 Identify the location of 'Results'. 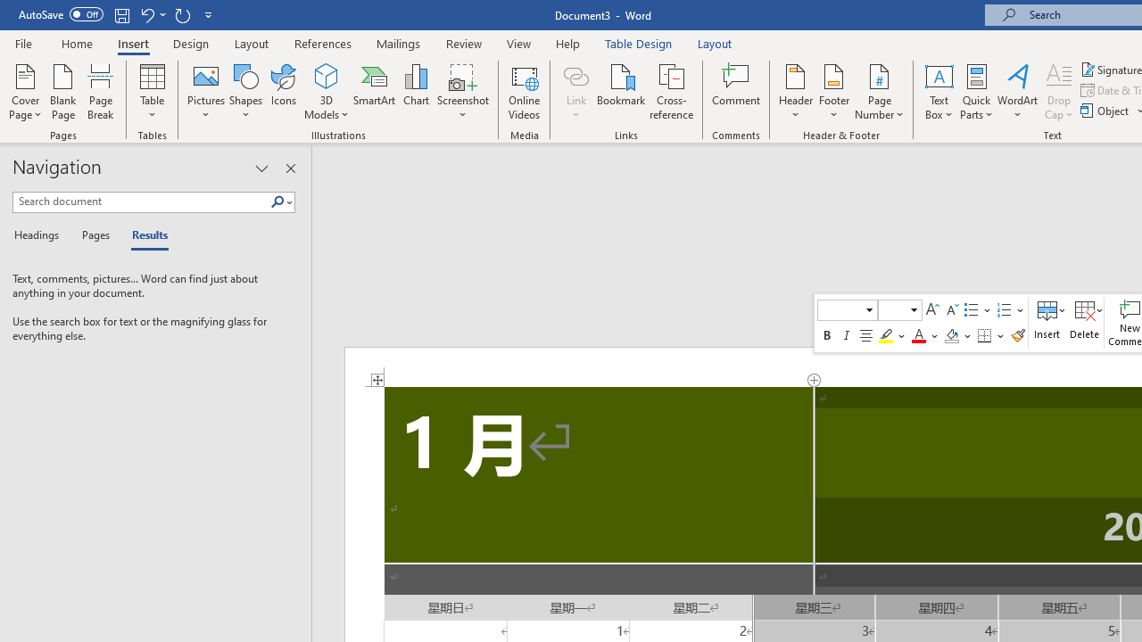
(144, 235).